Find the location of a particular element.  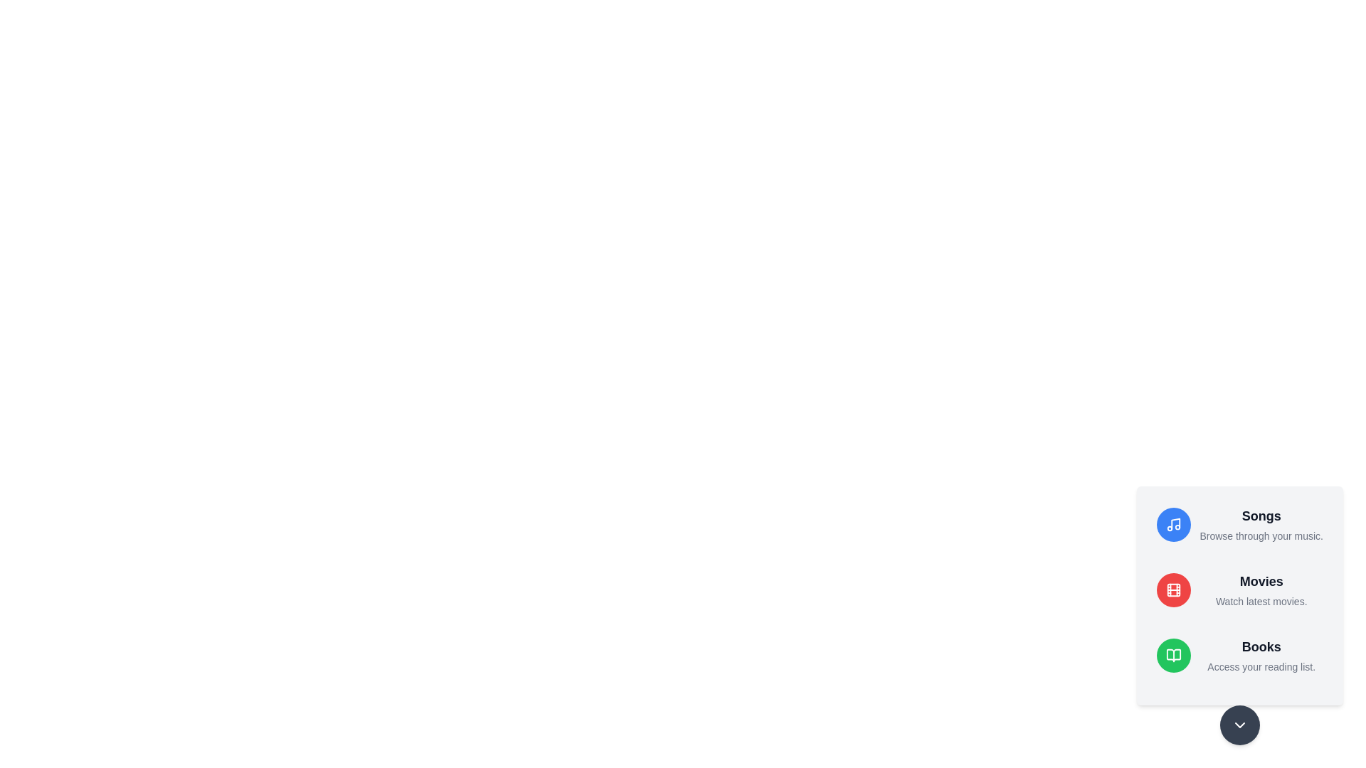

the Songs button to interact with the corresponding media option is located at coordinates (1174, 524).